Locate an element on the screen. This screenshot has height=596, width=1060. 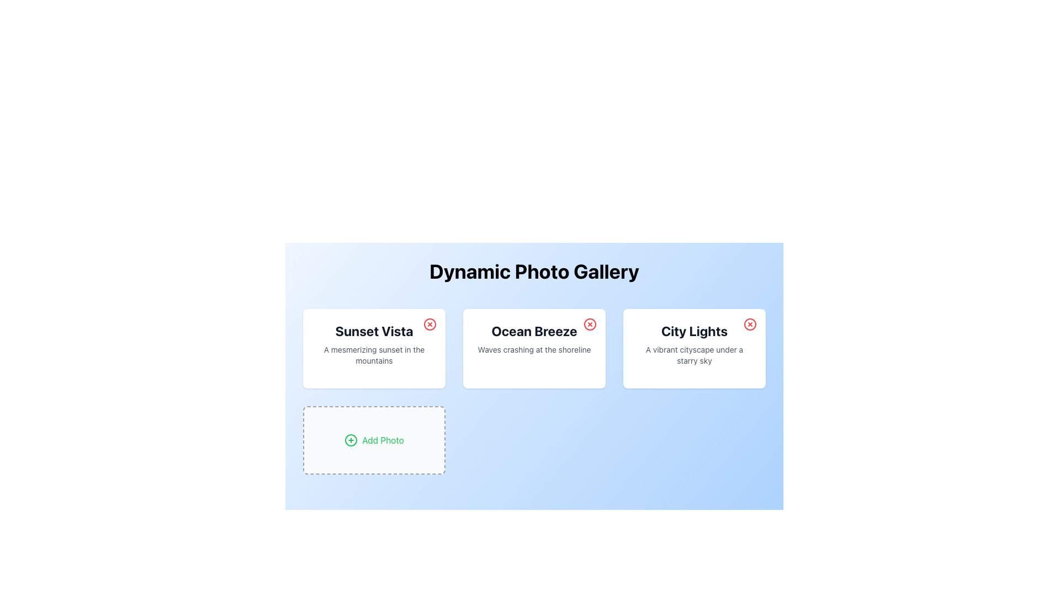
the small green-stroke circle inside the dashed-outlined box labeled 'Add Photo', located in the lower left quadrant of the interface is located at coordinates (351, 440).